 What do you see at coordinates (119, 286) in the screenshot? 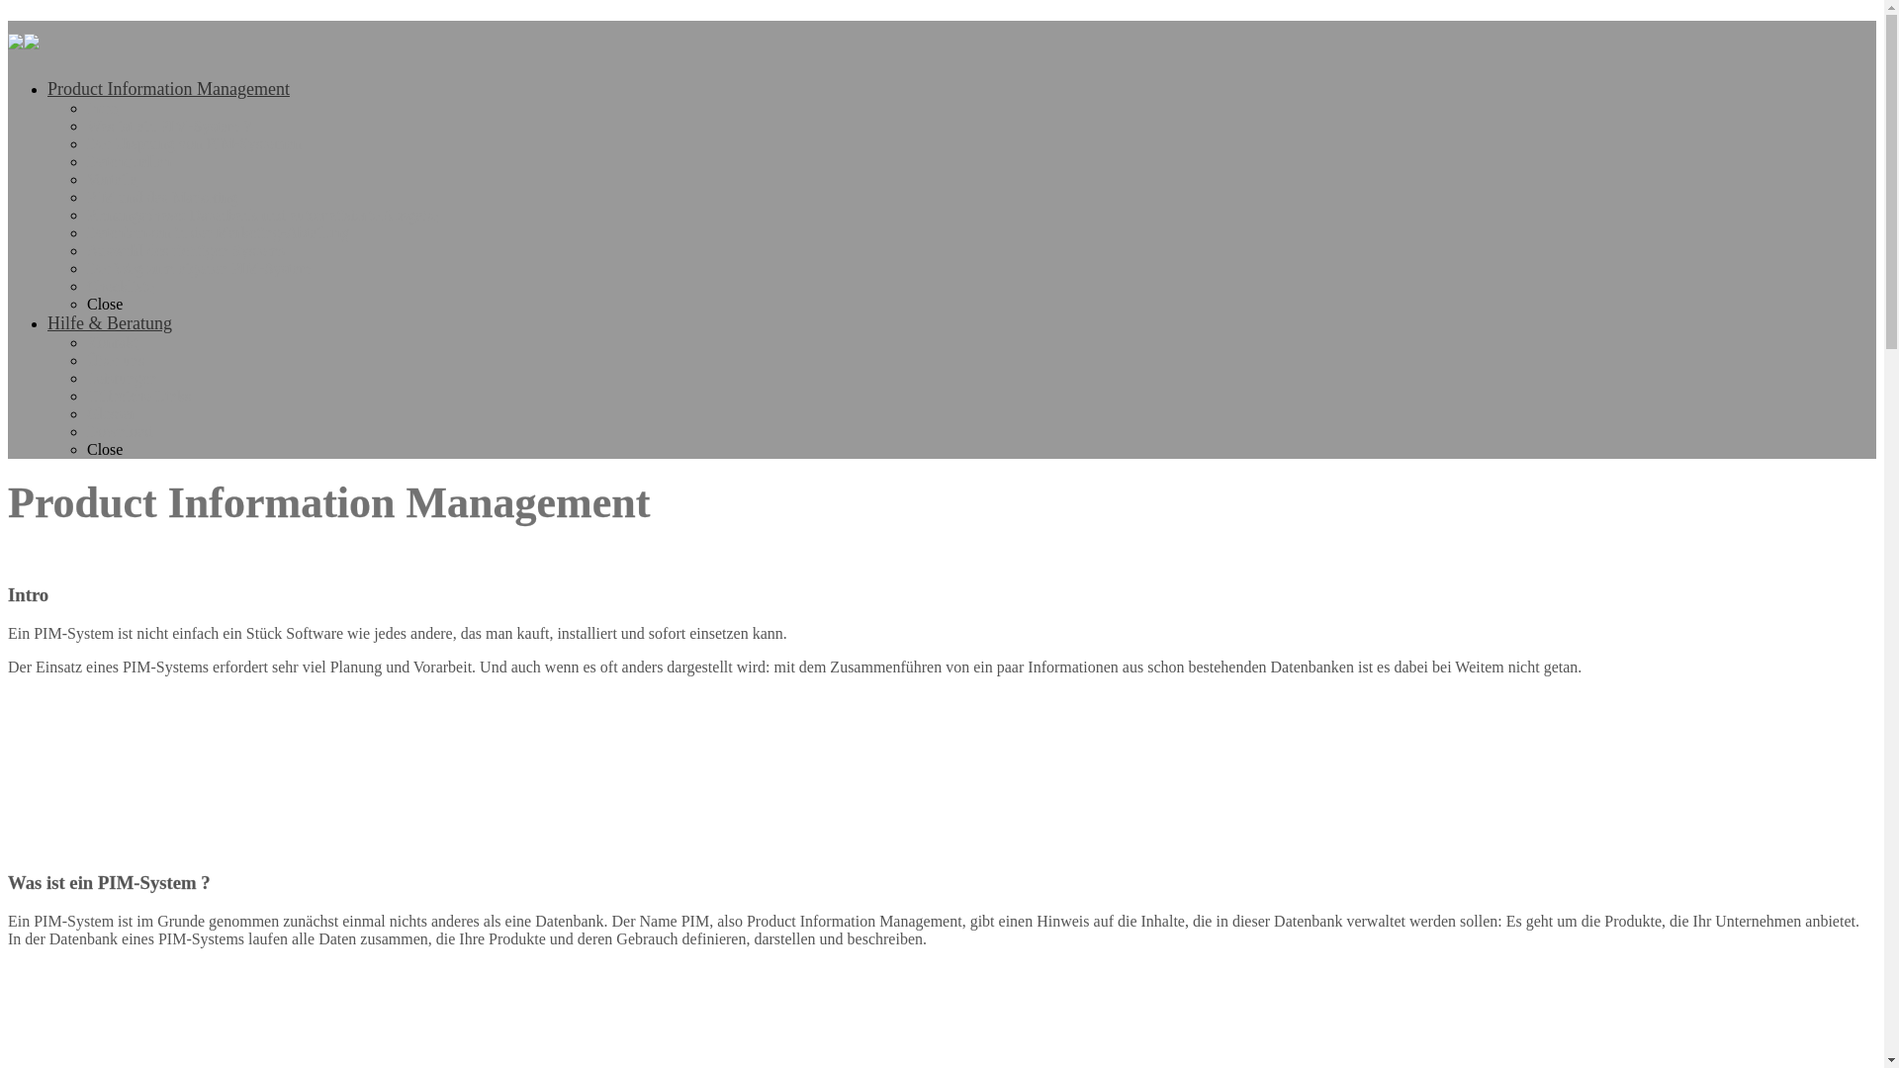
I see `'Checkliste'` at bounding box center [119, 286].